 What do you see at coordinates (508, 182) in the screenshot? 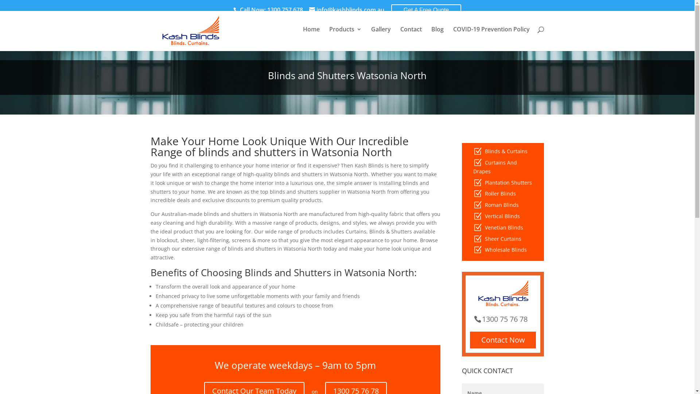
I see `'Plantation Shutters'` at bounding box center [508, 182].